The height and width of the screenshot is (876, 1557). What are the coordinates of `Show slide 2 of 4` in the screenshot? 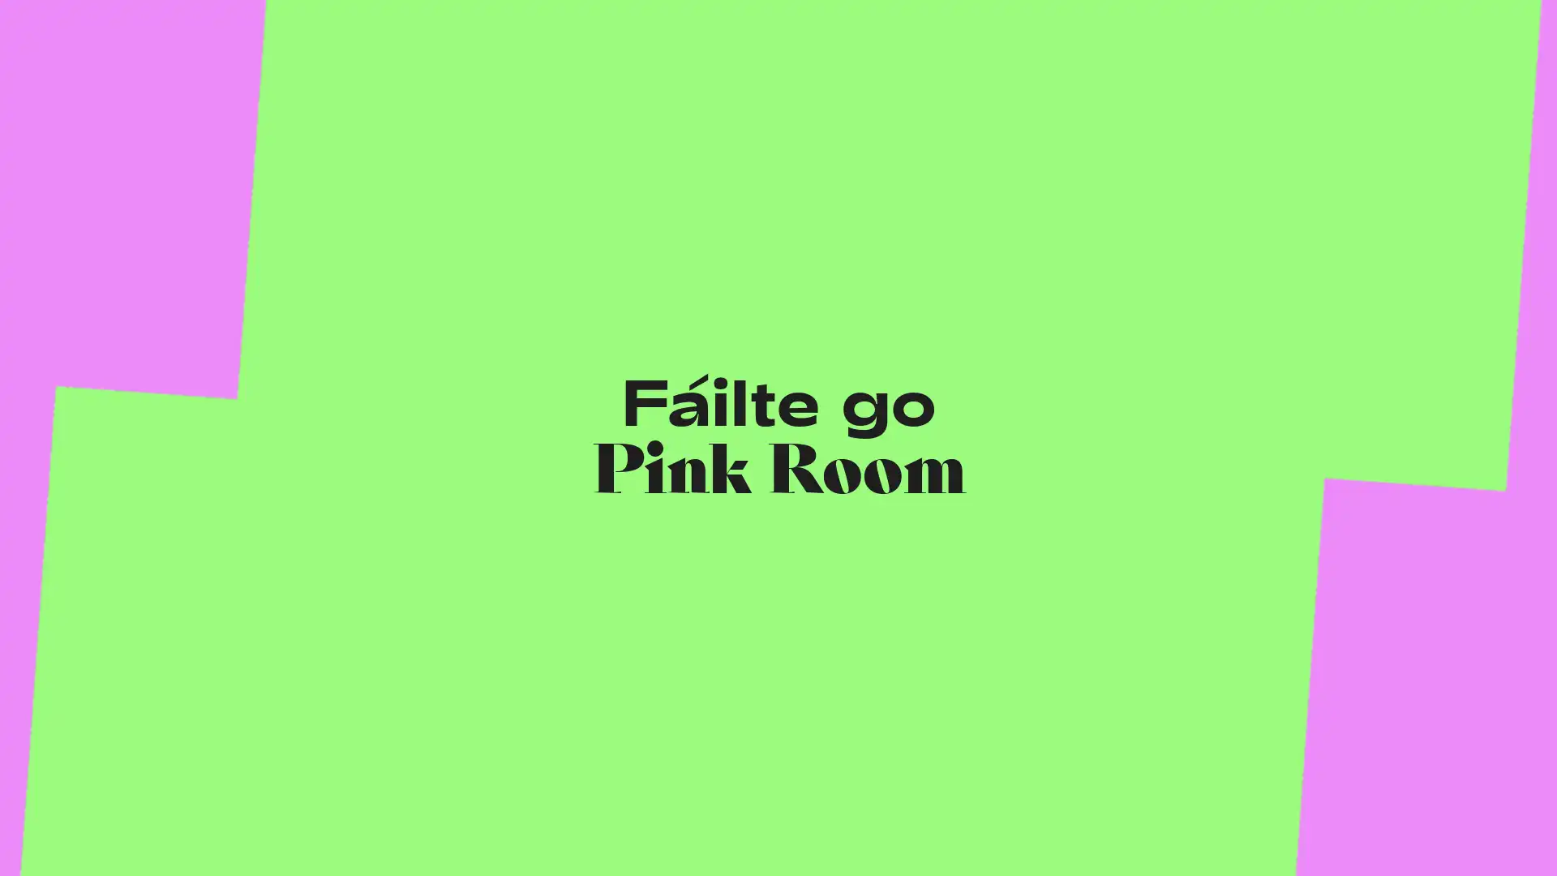 It's located at (526, 427).